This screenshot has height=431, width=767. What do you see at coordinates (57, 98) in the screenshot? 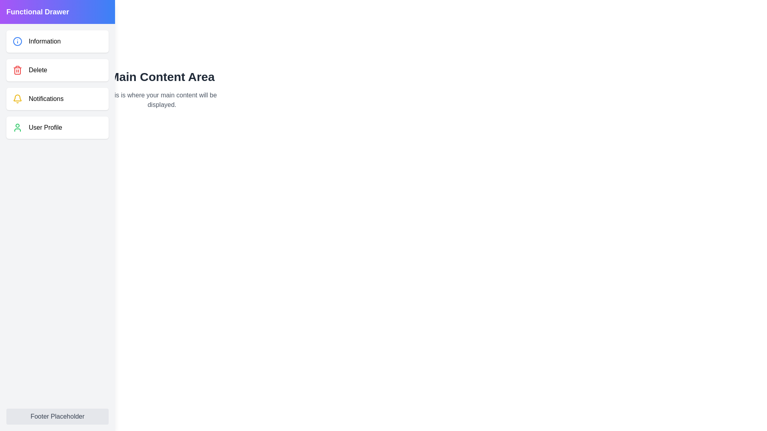
I see `the notifications button, which is represented by a bell icon and is the third option in the vertical drawer menu located on the left side of the interface` at bounding box center [57, 98].